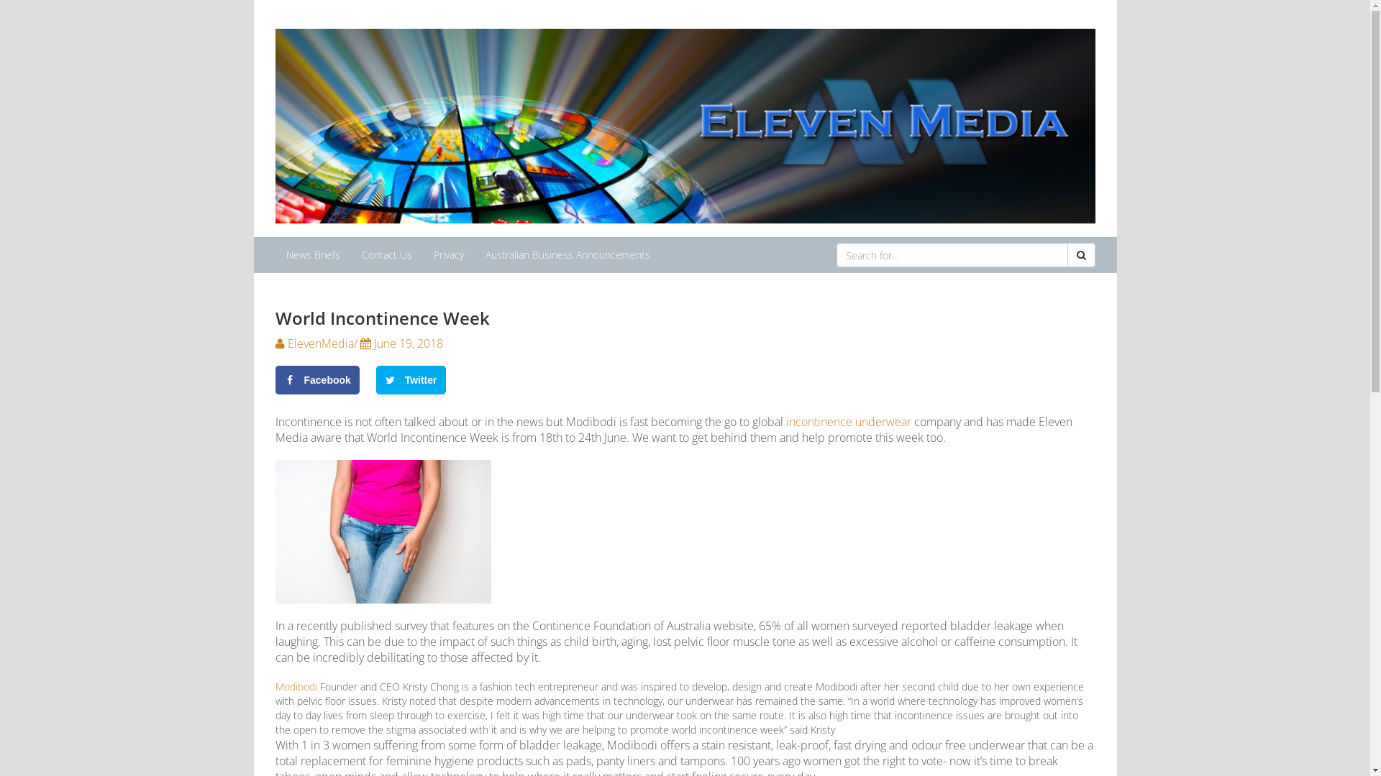  What do you see at coordinates (376, 379) in the screenshot?
I see `'Twitter'` at bounding box center [376, 379].